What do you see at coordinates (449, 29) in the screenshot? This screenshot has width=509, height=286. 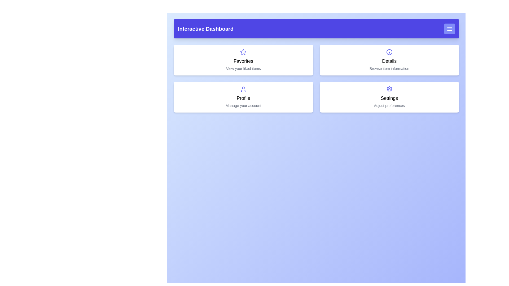 I see `hamburger button to toggle the menu visibility` at bounding box center [449, 29].